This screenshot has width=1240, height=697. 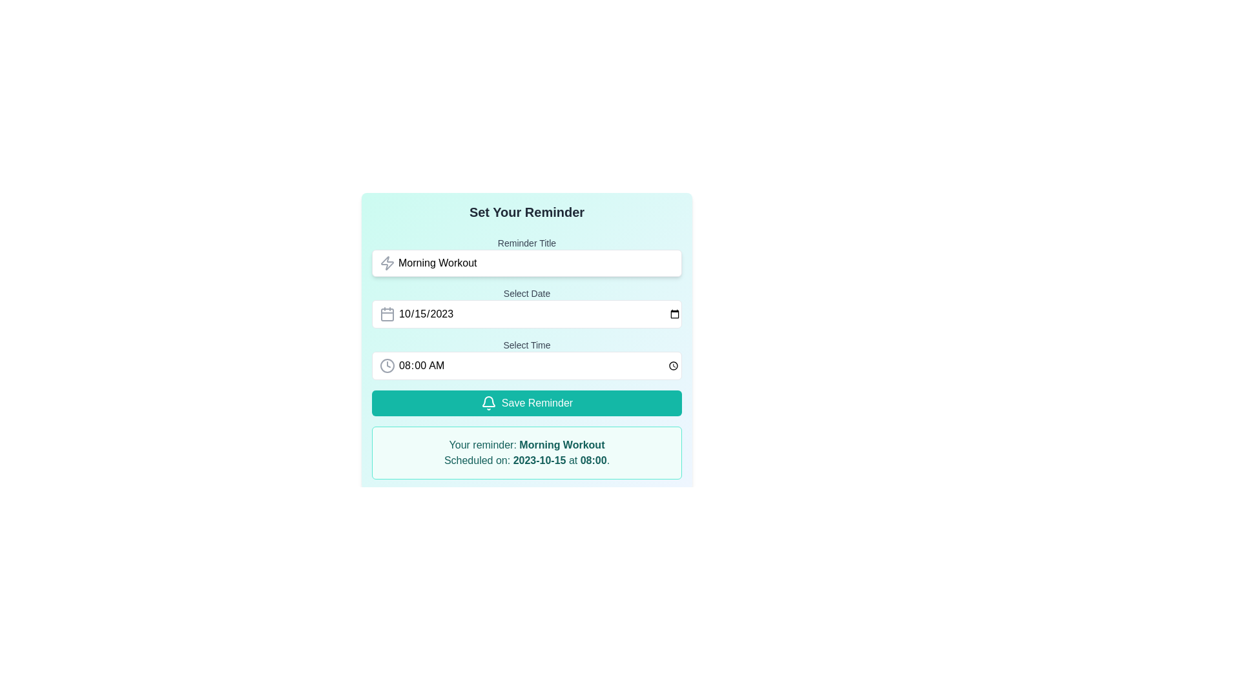 What do you see at coordinates (387, 263) in the screenshot?
I see `the icon that represents energy or action, positioned to the left of the 'Morning Workout' placeholder in the top text input field` at bounding box center [387, 263].